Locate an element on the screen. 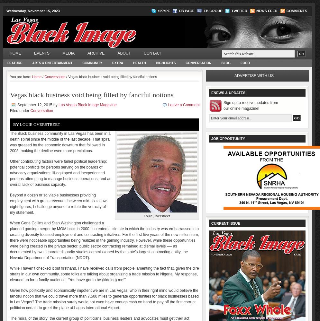 The width and height of the screenshot is (320, 321). '/' is located at coordinates (42, 76).